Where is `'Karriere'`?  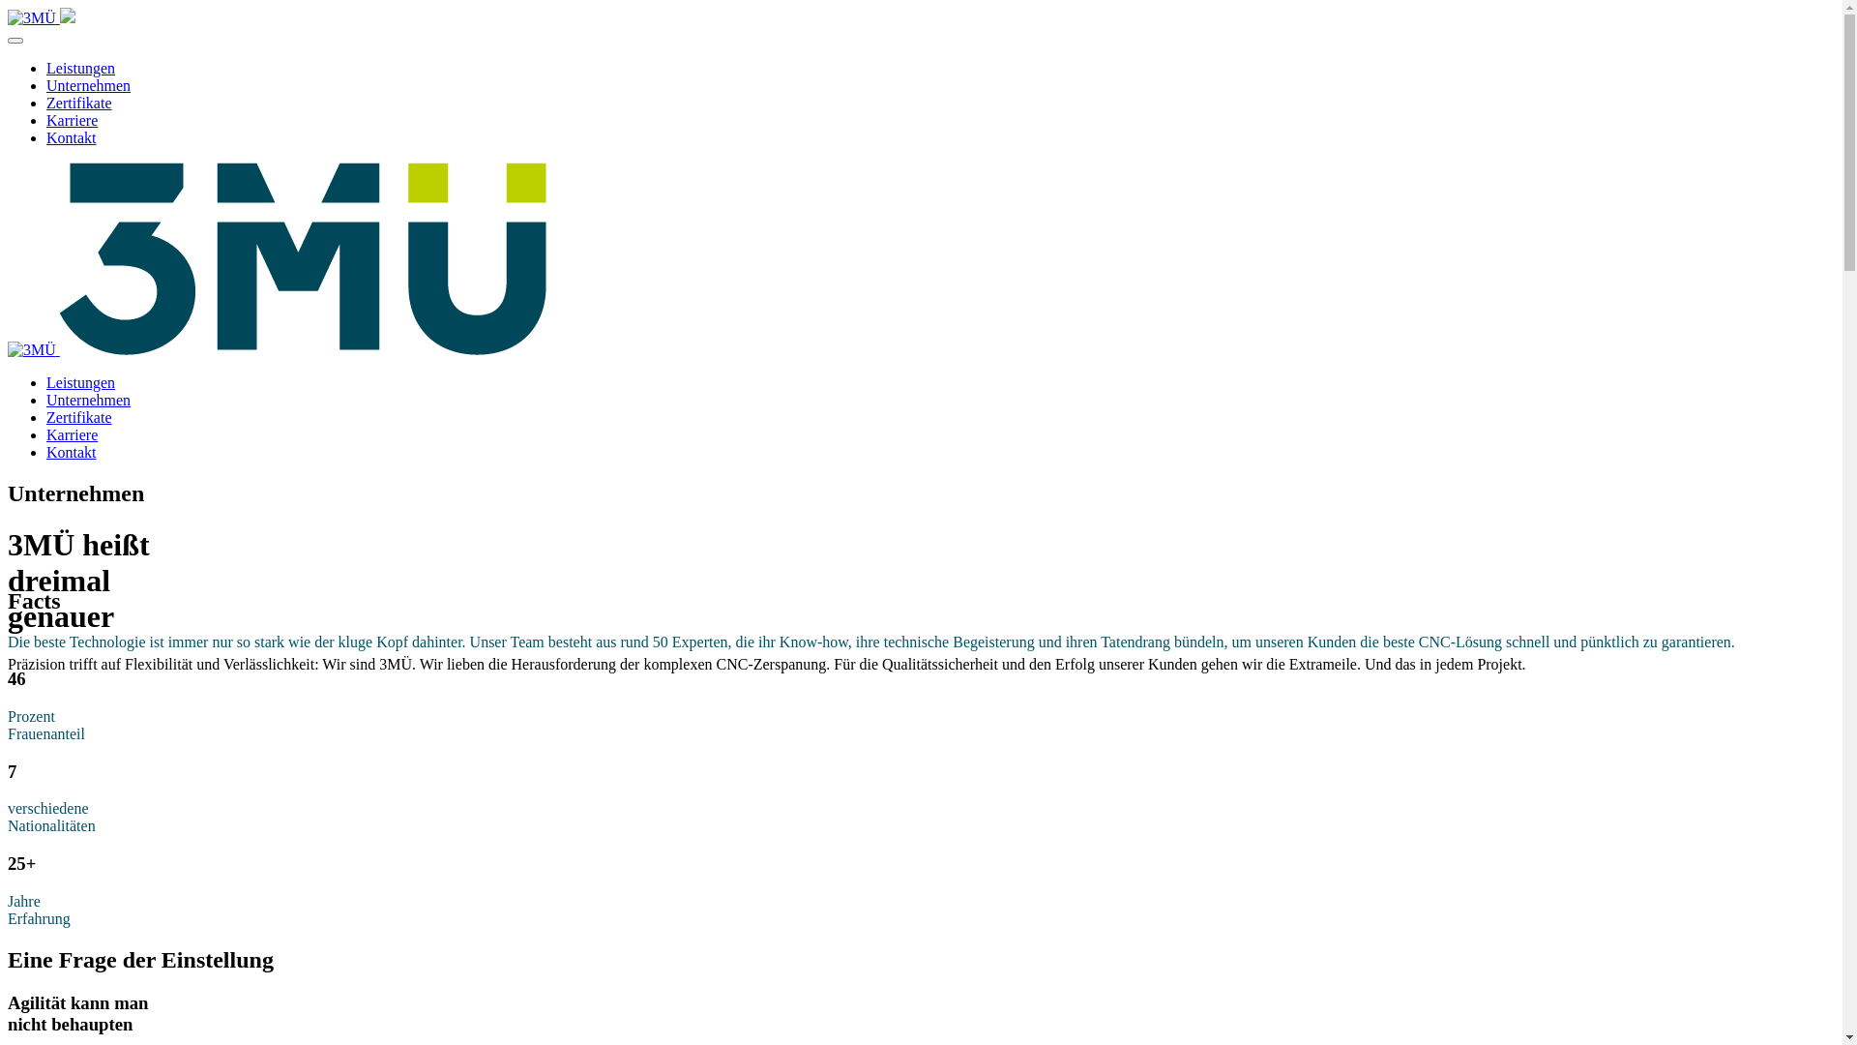 'Karriere' is located at coordinates (72, 433).